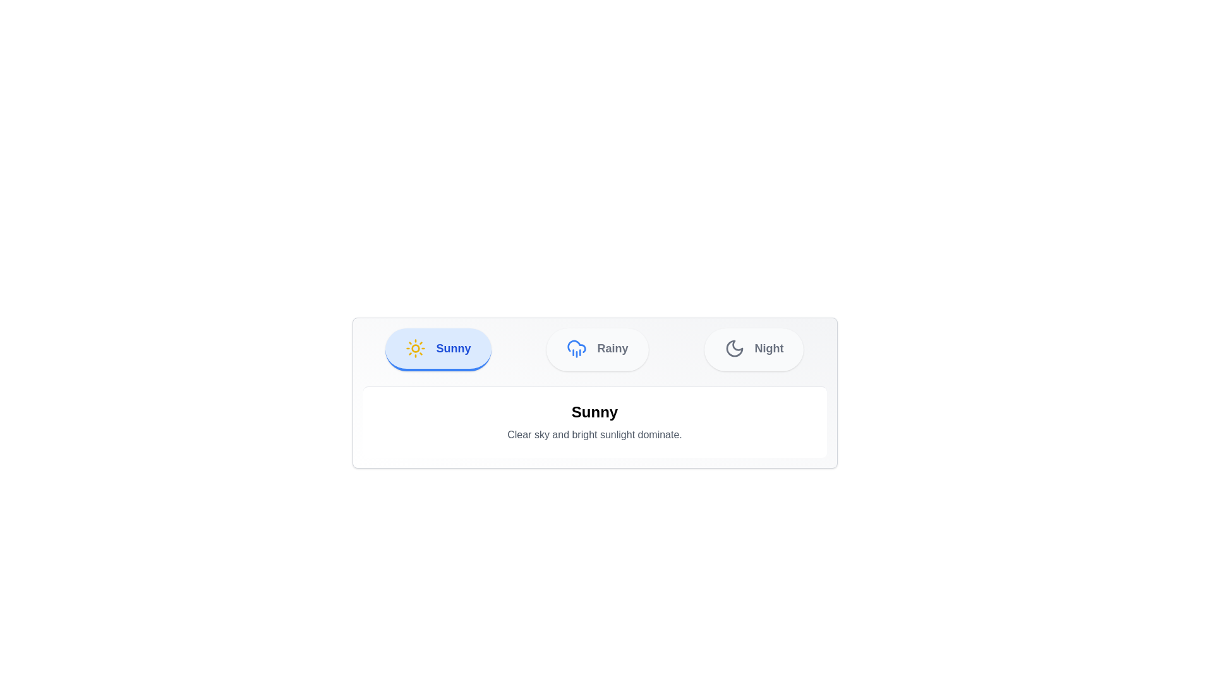  Describe the element at coordinates (438, 350) in the screenshot. I see `the Sunny tab to switch the view` at that location.